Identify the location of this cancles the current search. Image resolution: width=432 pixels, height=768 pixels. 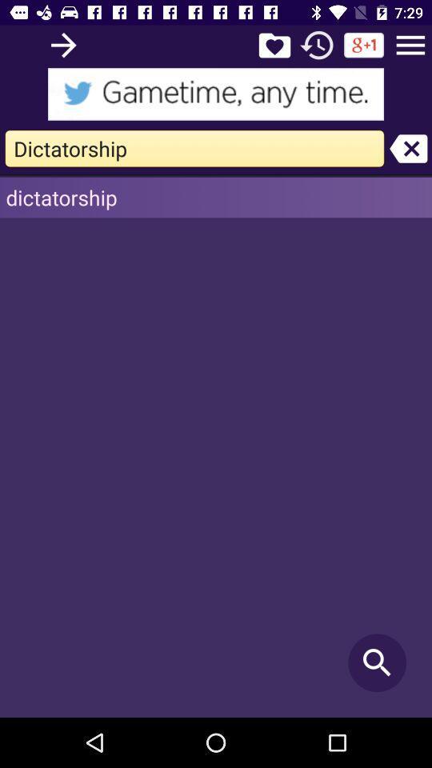
(408, 148).